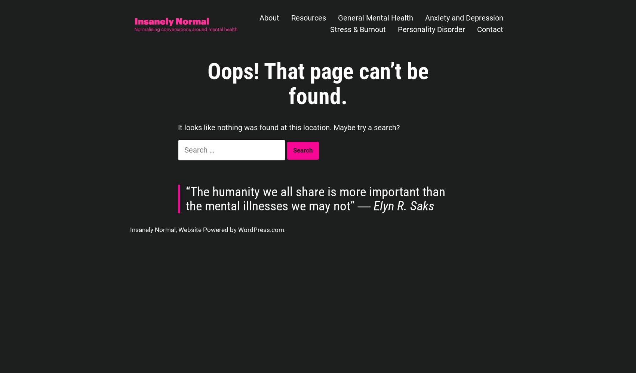 The image size is (636, 373). What do you see at coordinates (315, 198) in the screenshot?
I see `'“The humanity we all share is more important than the mental illnesses we may not” ―'` at bounding box center [315, 198].